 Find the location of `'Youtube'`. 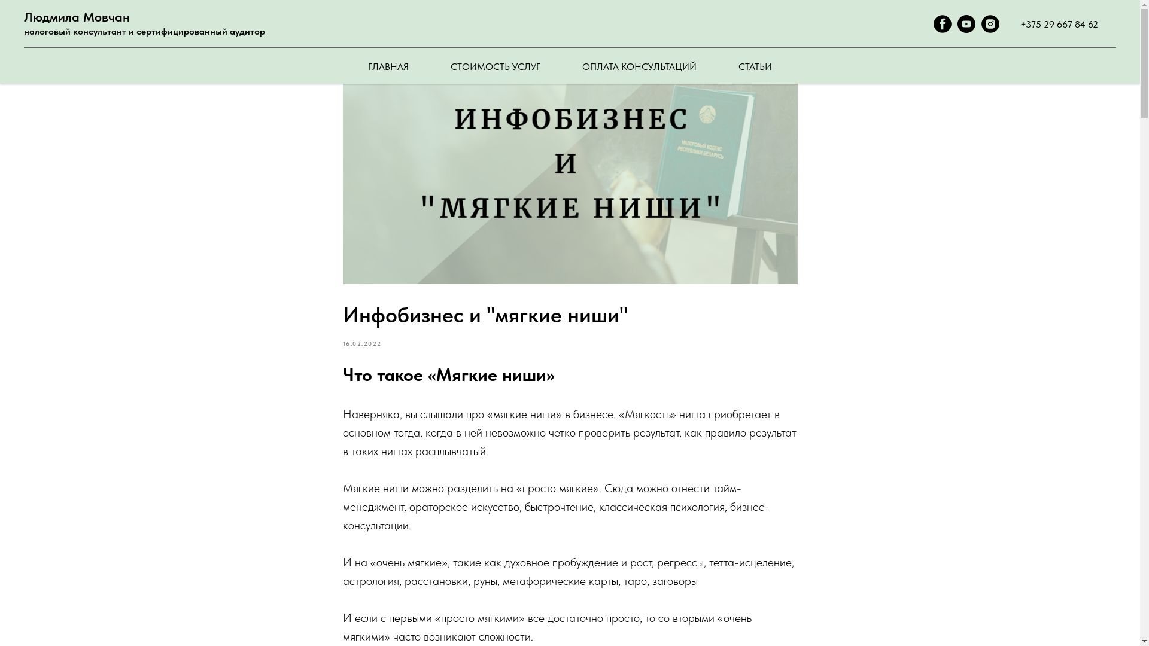

'Youtube' is located at coordinates (966, 29).